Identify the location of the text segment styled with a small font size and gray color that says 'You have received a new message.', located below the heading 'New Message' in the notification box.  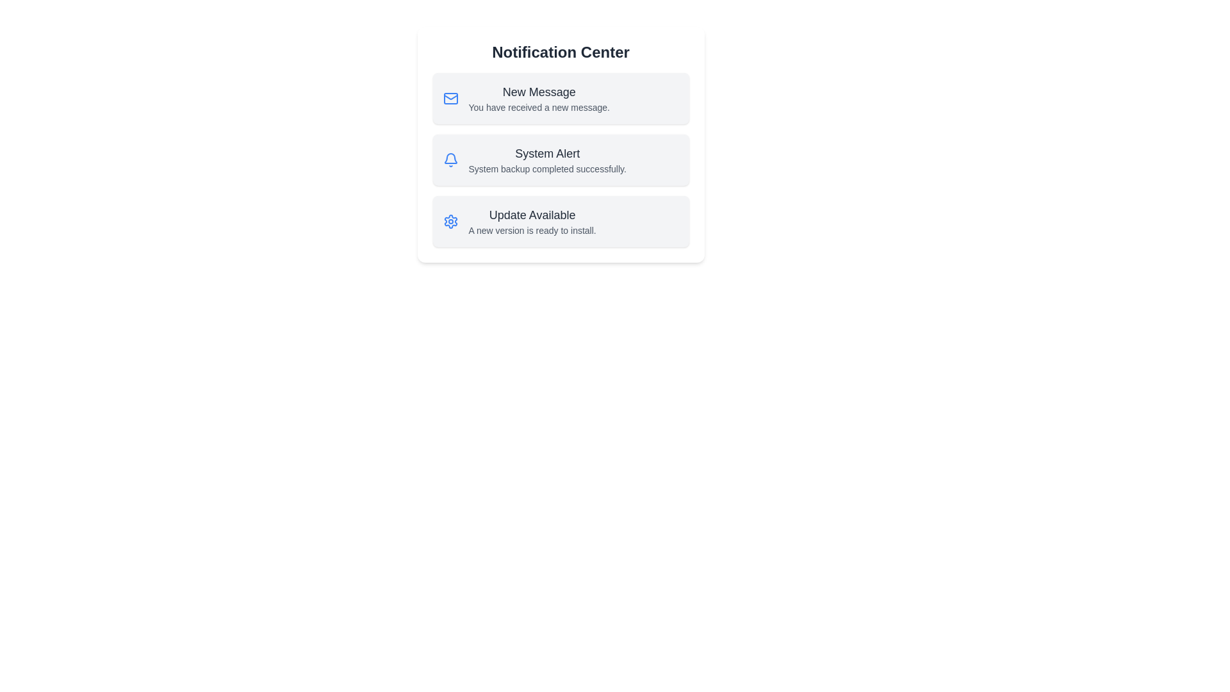
(539, 107).